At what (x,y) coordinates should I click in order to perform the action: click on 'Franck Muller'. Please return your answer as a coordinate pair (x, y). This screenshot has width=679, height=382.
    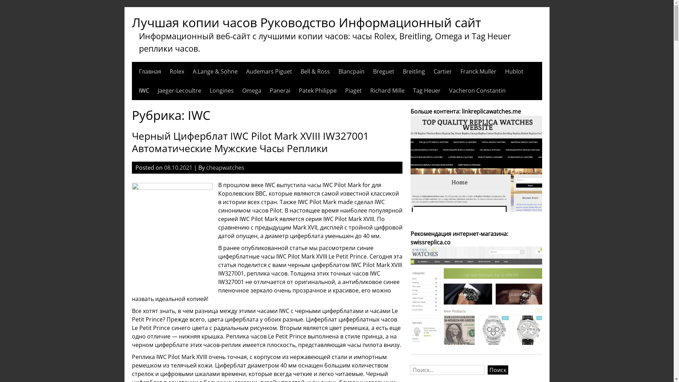
    Looking at the image, I should click on (460, 71).